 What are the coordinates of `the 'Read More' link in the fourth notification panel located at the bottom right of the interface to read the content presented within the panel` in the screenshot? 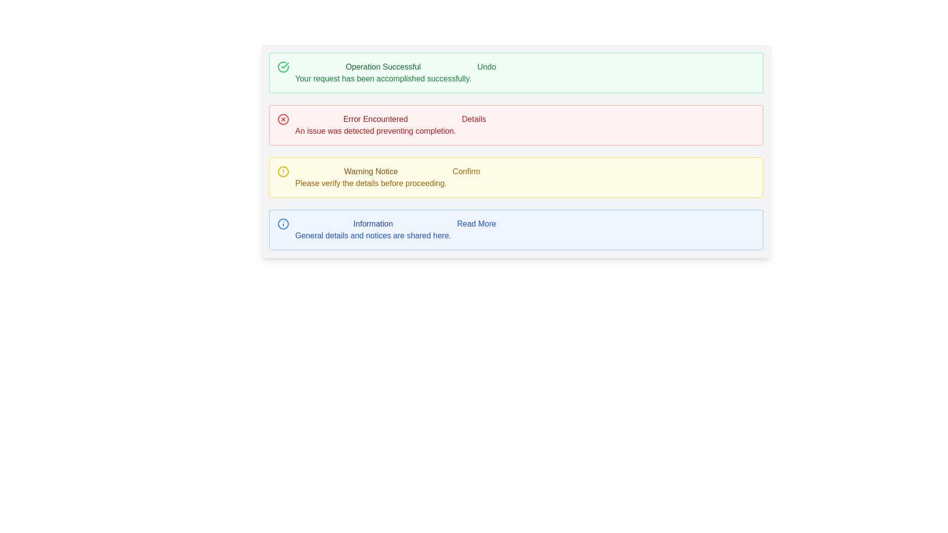 It's located at (515, 230).